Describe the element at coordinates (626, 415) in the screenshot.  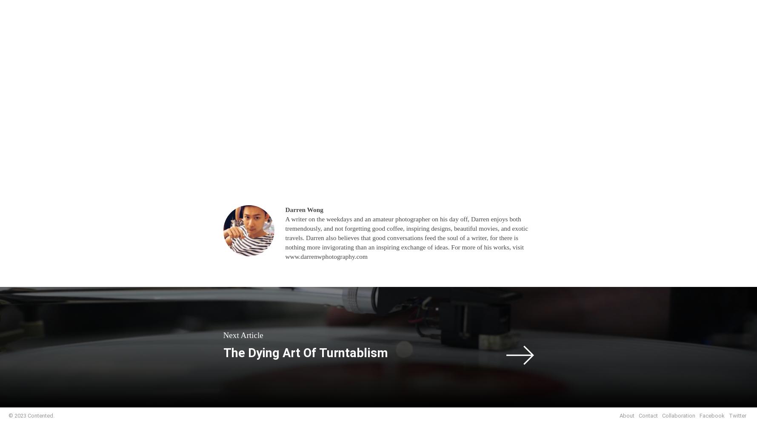
I see `'About'` at that location.